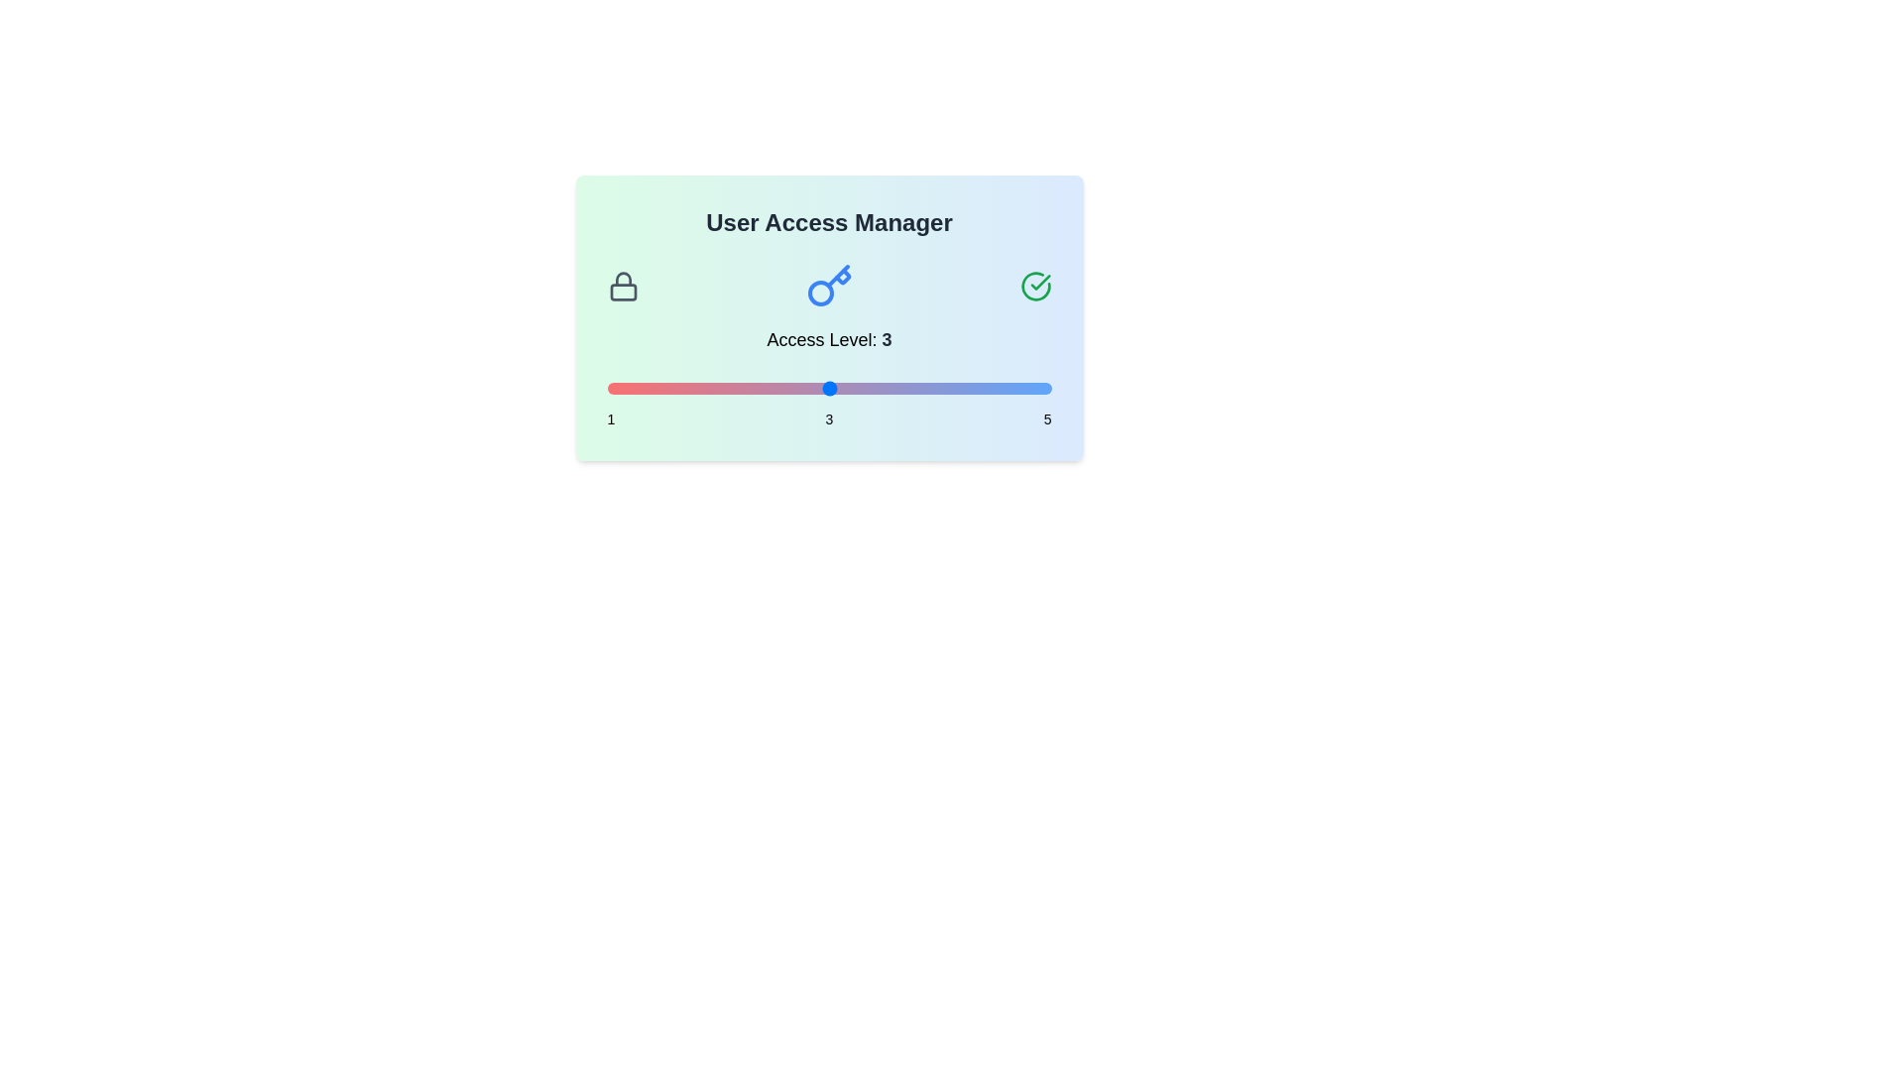 The height and width of the screenshot is (1071, 1904). Describe the element at coordinates (1034, 287) in the screenshot. I see `the check-circle icon` at that location.